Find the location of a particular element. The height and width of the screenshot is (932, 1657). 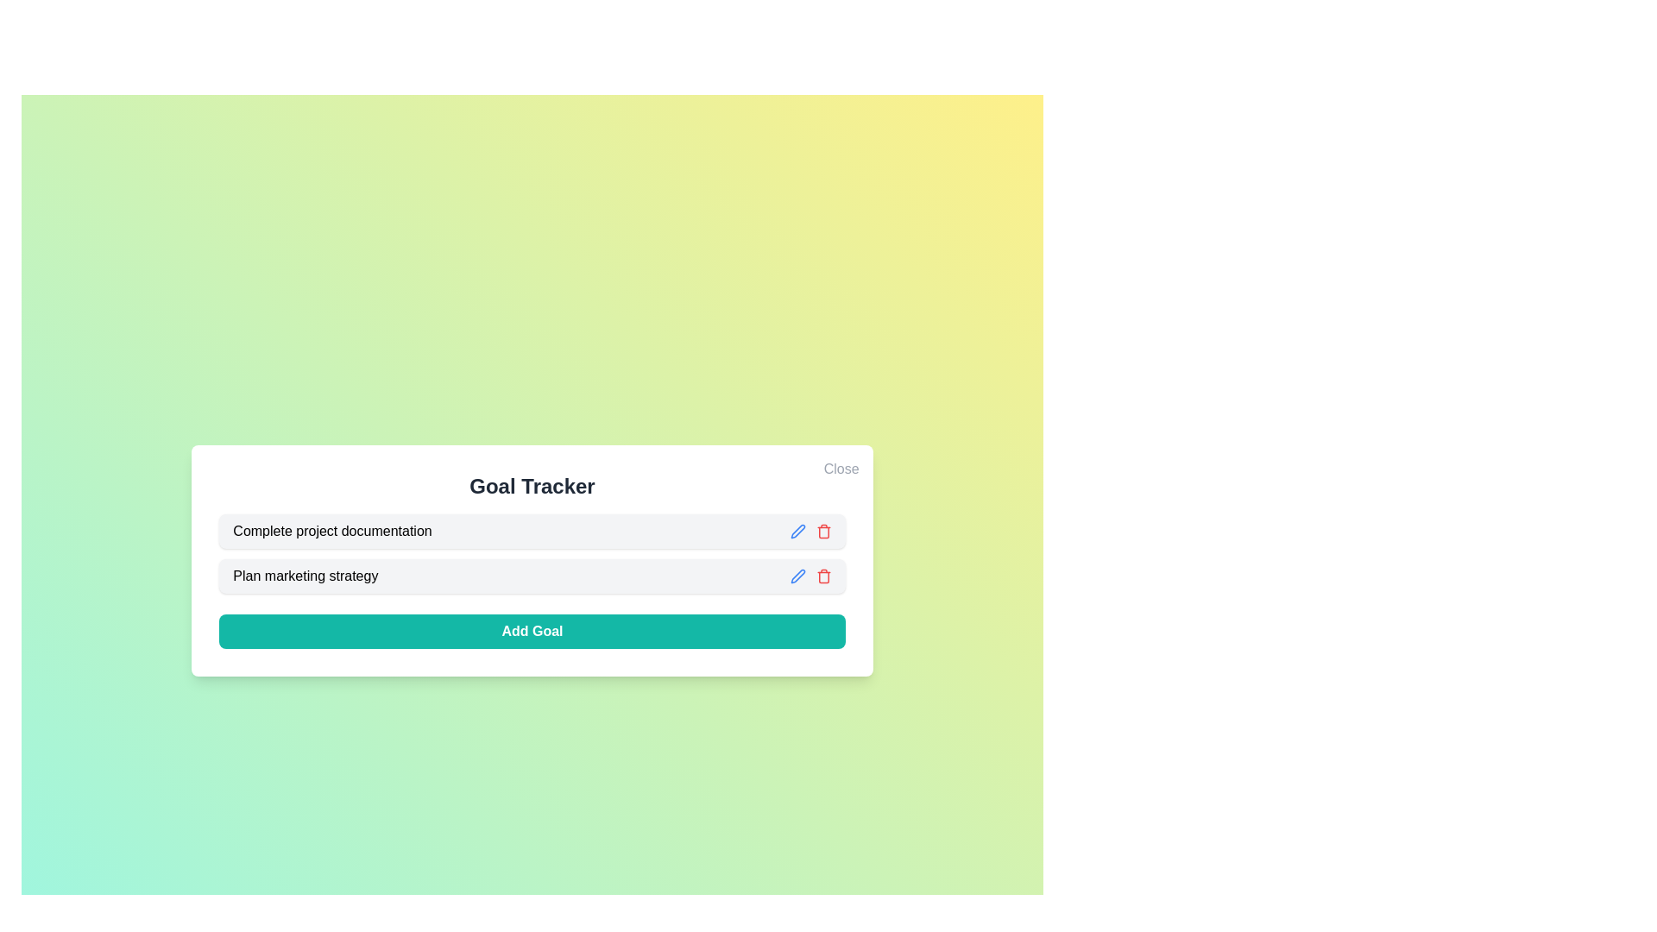

the delete icon for the goal Complete project documentation is located at coordinates (822, 531).